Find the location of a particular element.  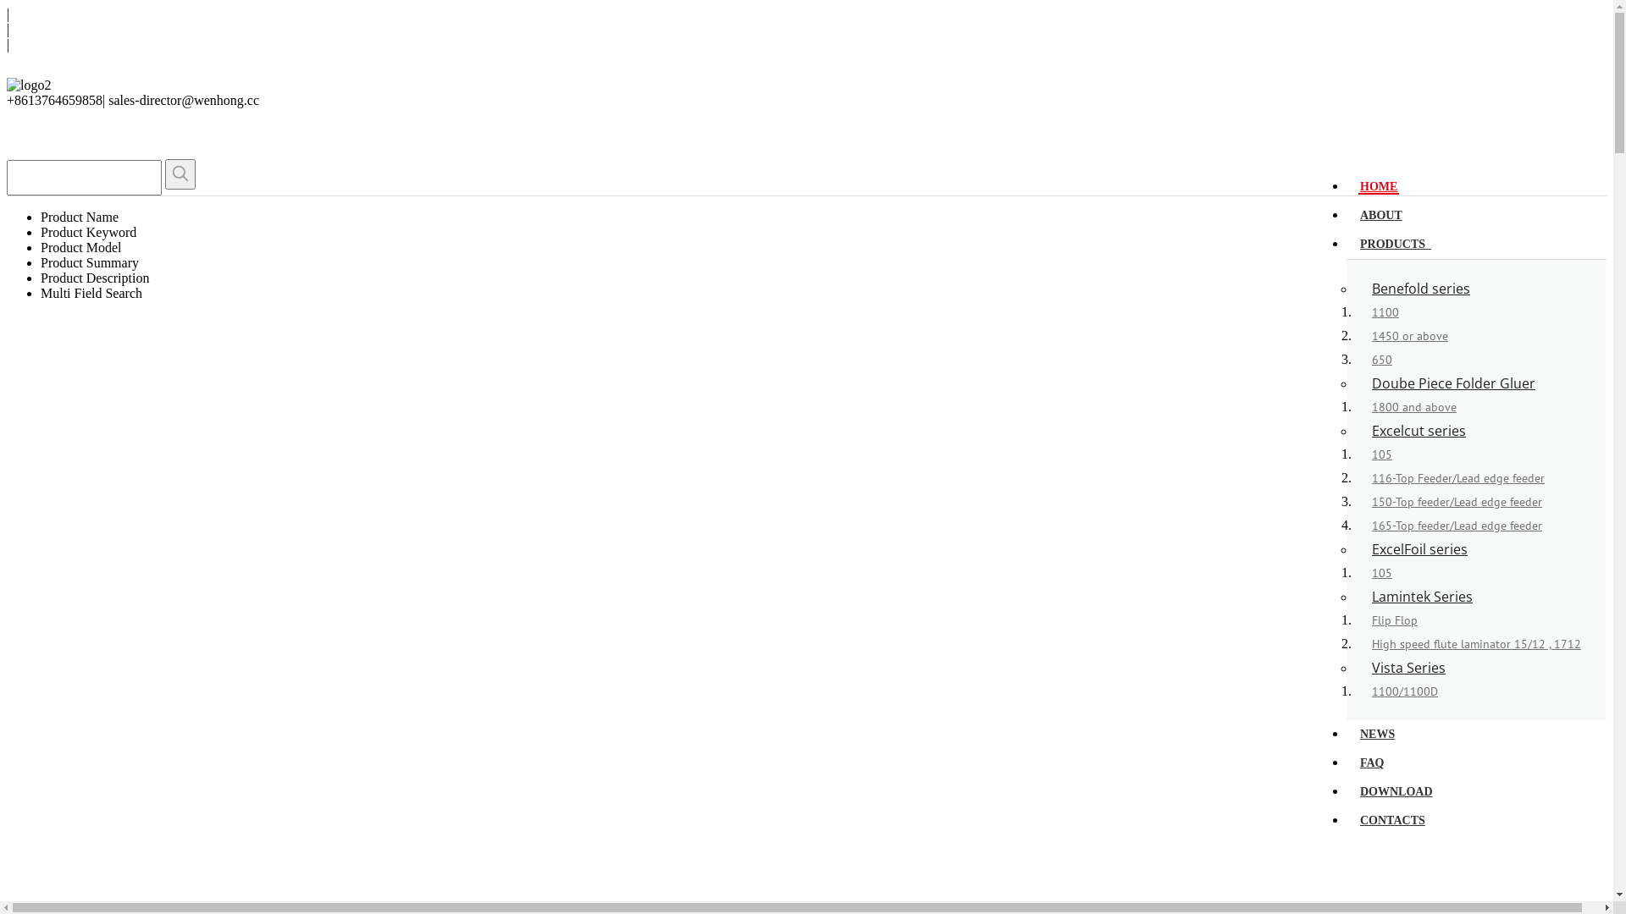

'HOME' is located at coordinates (1358, 185).